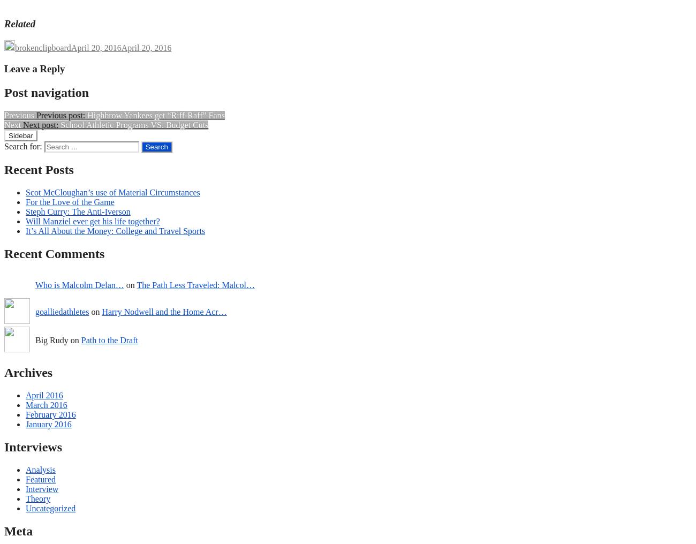  What do you see at coordinates (25, 395) in the screenshot?
I see `'April 2016'` at bounding box center [25, 395].